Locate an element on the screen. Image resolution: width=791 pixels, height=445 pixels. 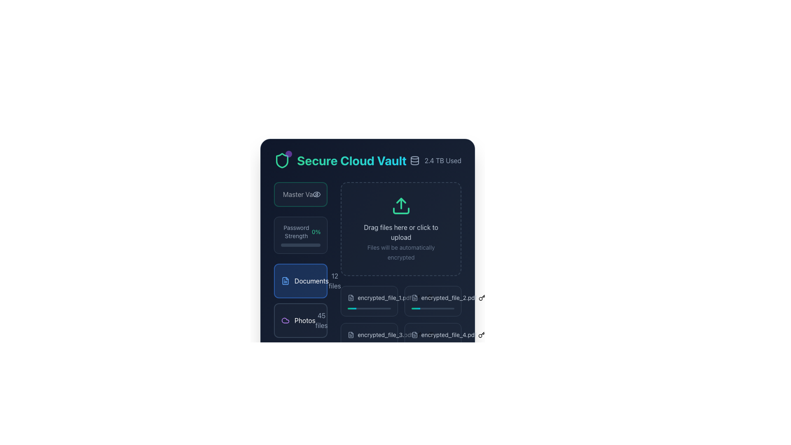
the small dark key icon located in the lower-right quadrant of the interface, adjacent to the file entry labeled 'encrypted_file_2.pdf' is located at coordinates (482, 297).